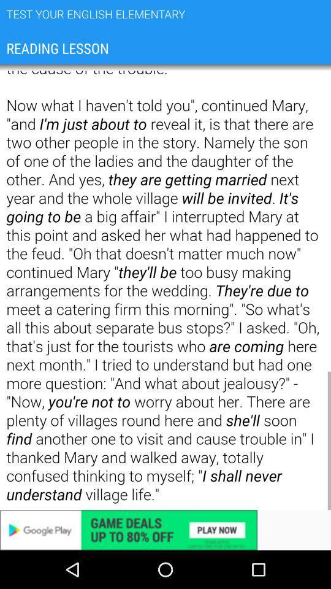 This screenshot has height=589, width=331. I want to click on variable advertisement, so click(165, 529).